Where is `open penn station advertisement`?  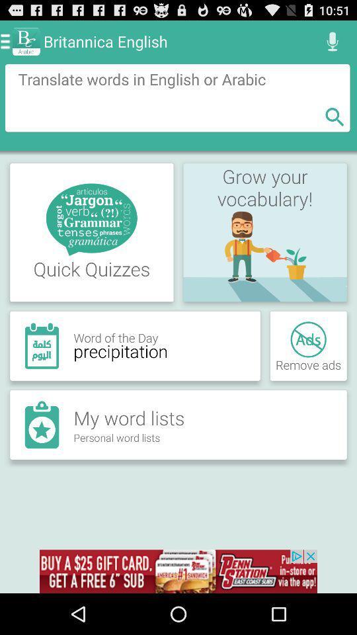 open penn station advertisement is located at coordinates (178, 571).